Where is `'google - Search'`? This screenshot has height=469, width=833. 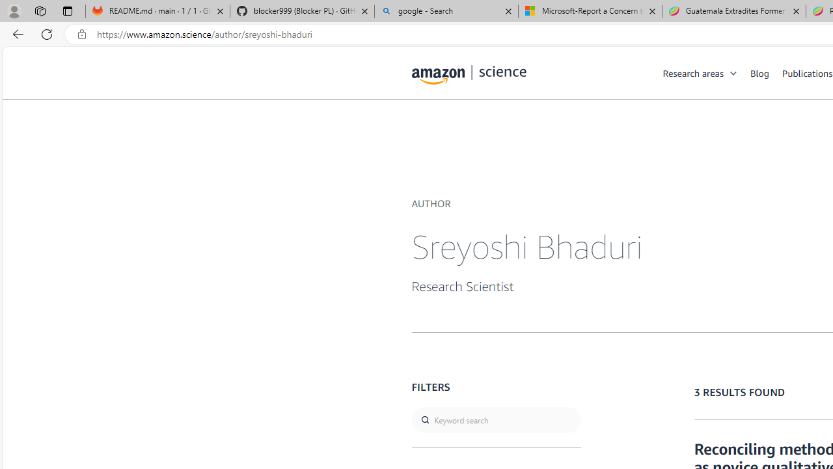 'google - Search' is located at coordinates (446, 11).